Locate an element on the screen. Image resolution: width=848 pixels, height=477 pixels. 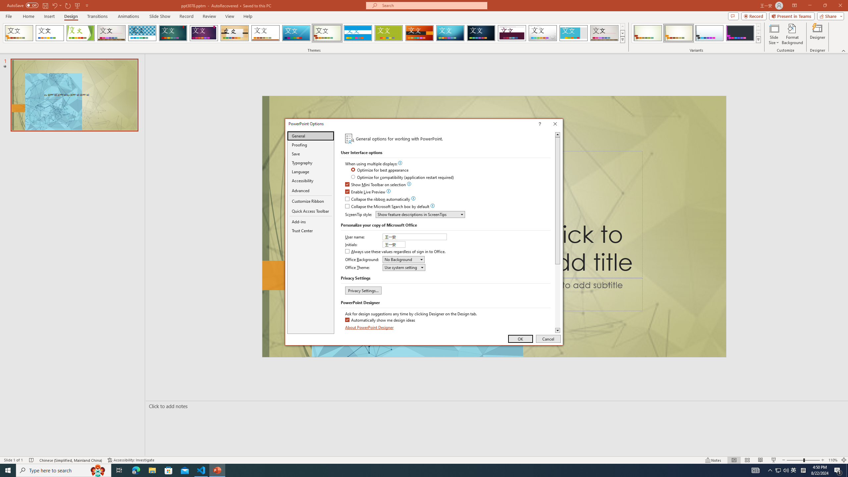
'Wisp Variant 1' is located at coordinates (647, 33).